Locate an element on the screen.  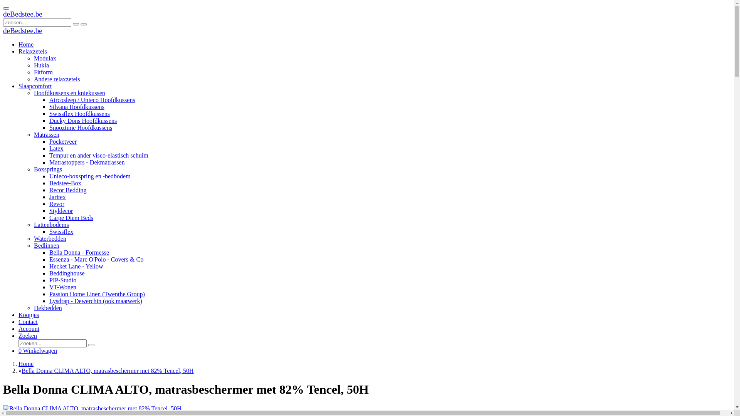
'Relaxzetels' is located at coordinates (32, 51).